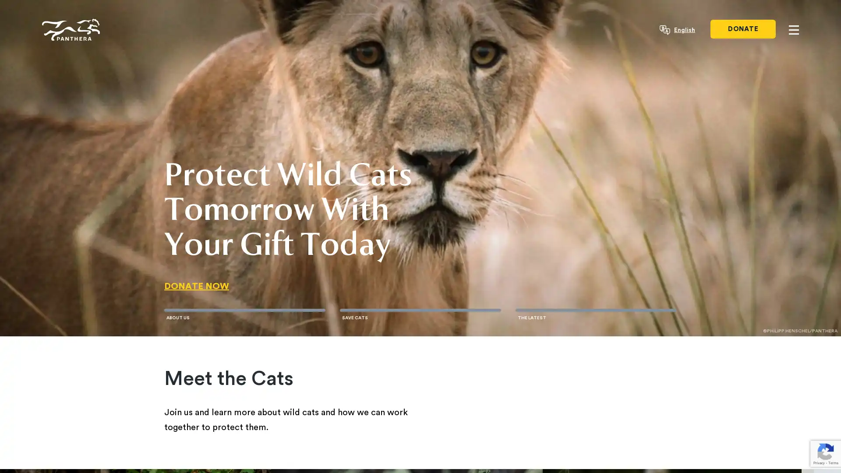  Describe the element at coordinates (420, 310) in the screenshot. I see `Go to slide 2` at that location.